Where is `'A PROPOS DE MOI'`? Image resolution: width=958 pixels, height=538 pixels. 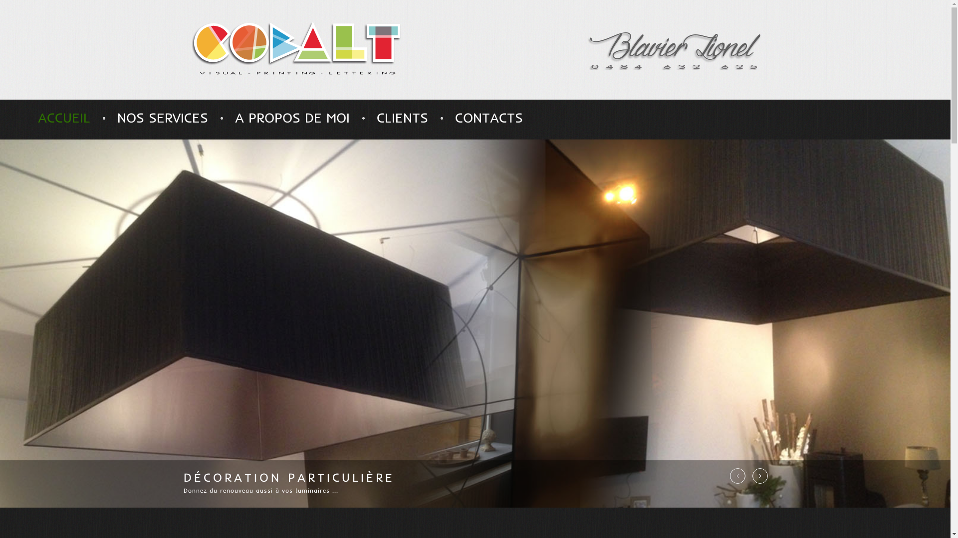 'A PROPOS DE MOI' is located at coordinates (291, 117).